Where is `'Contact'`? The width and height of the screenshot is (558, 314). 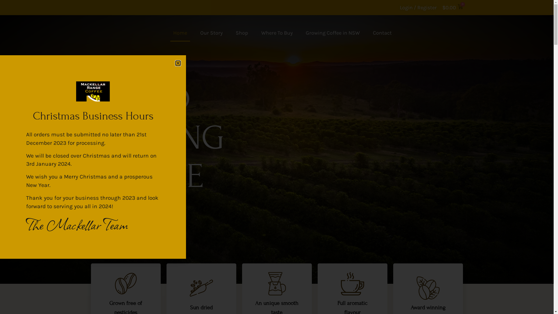 'Contact' is located at coordinates (382, 33).